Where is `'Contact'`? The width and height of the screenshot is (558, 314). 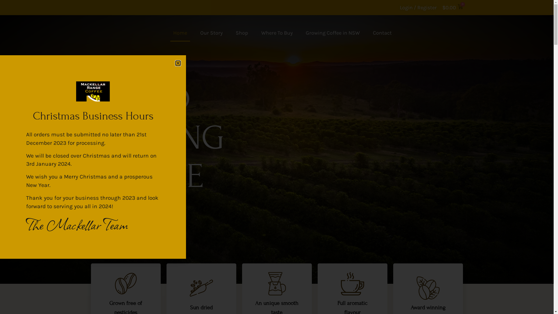 'Contact' is located at coordinates (382, 33).